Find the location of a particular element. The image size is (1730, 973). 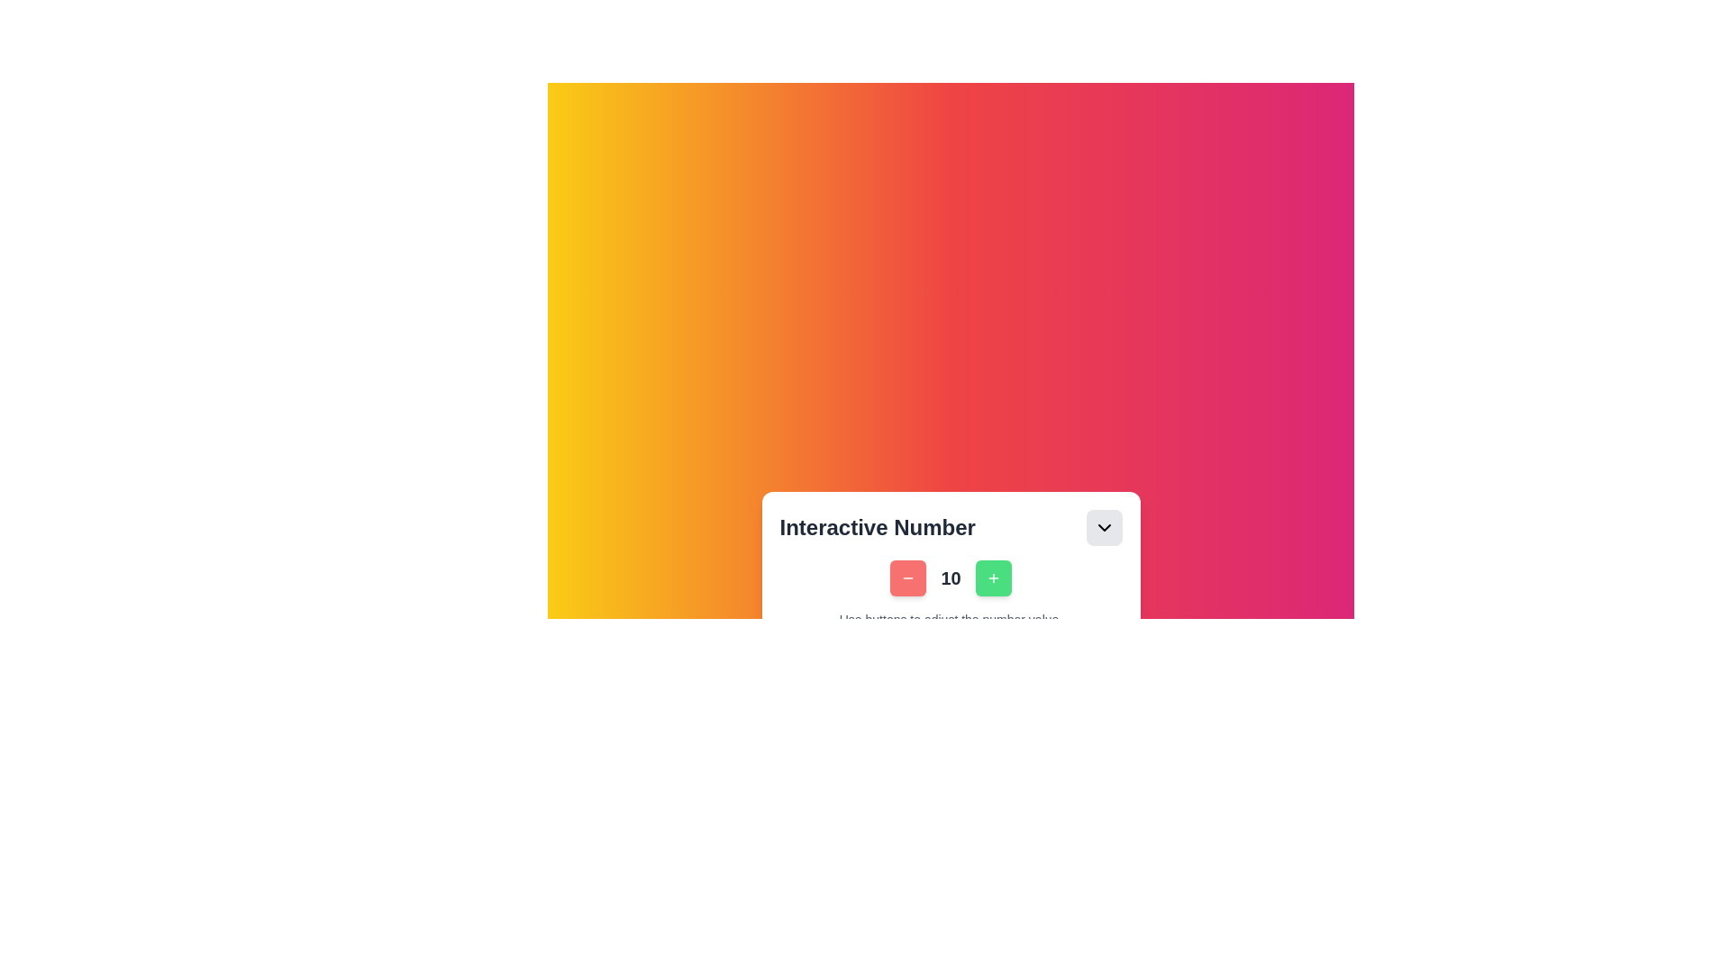

the Text Display Component that shows the current value of '10', centrally positioned beneath the title 'Interactive Number' and above the instructional text is located at coordinates (950, 569).